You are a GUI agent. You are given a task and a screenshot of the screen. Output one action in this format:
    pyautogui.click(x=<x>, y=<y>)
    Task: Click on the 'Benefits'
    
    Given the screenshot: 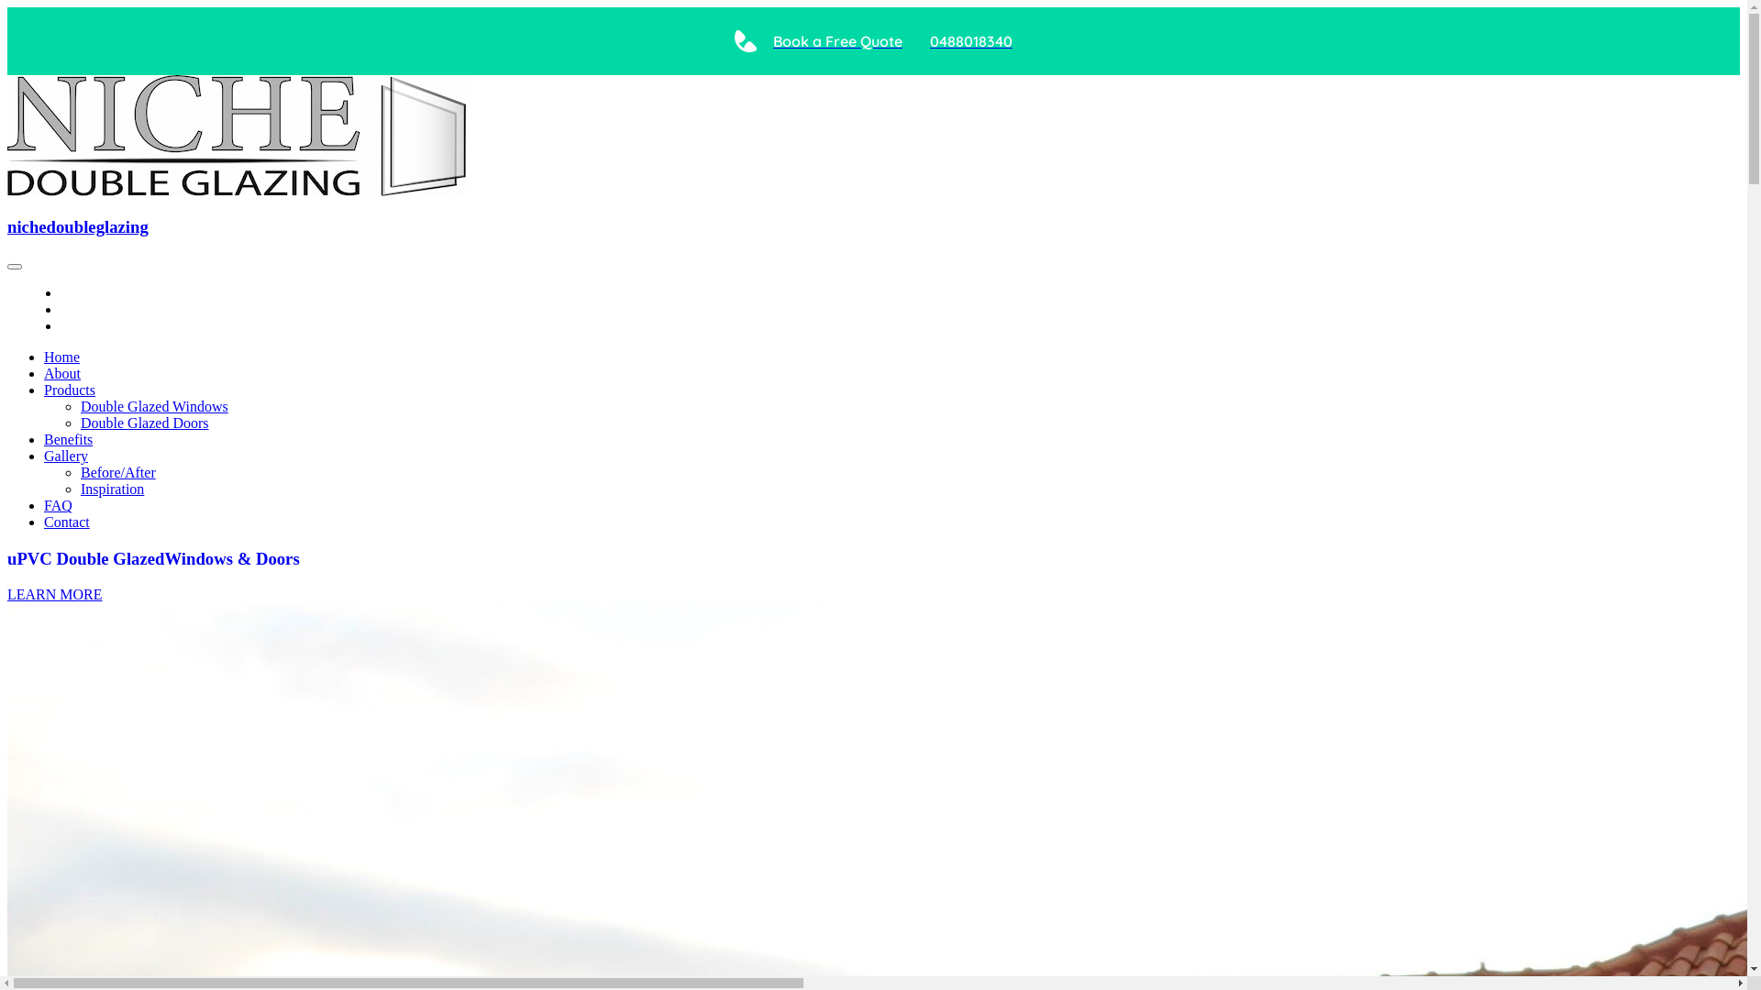 What is the action you would take?
    pyautogui.click(x=68, y=439)
    